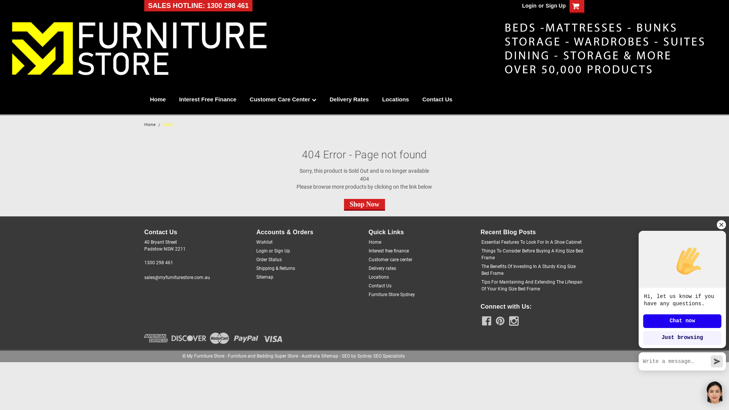  I want to click on 'Wishlist', so click(264, 242).